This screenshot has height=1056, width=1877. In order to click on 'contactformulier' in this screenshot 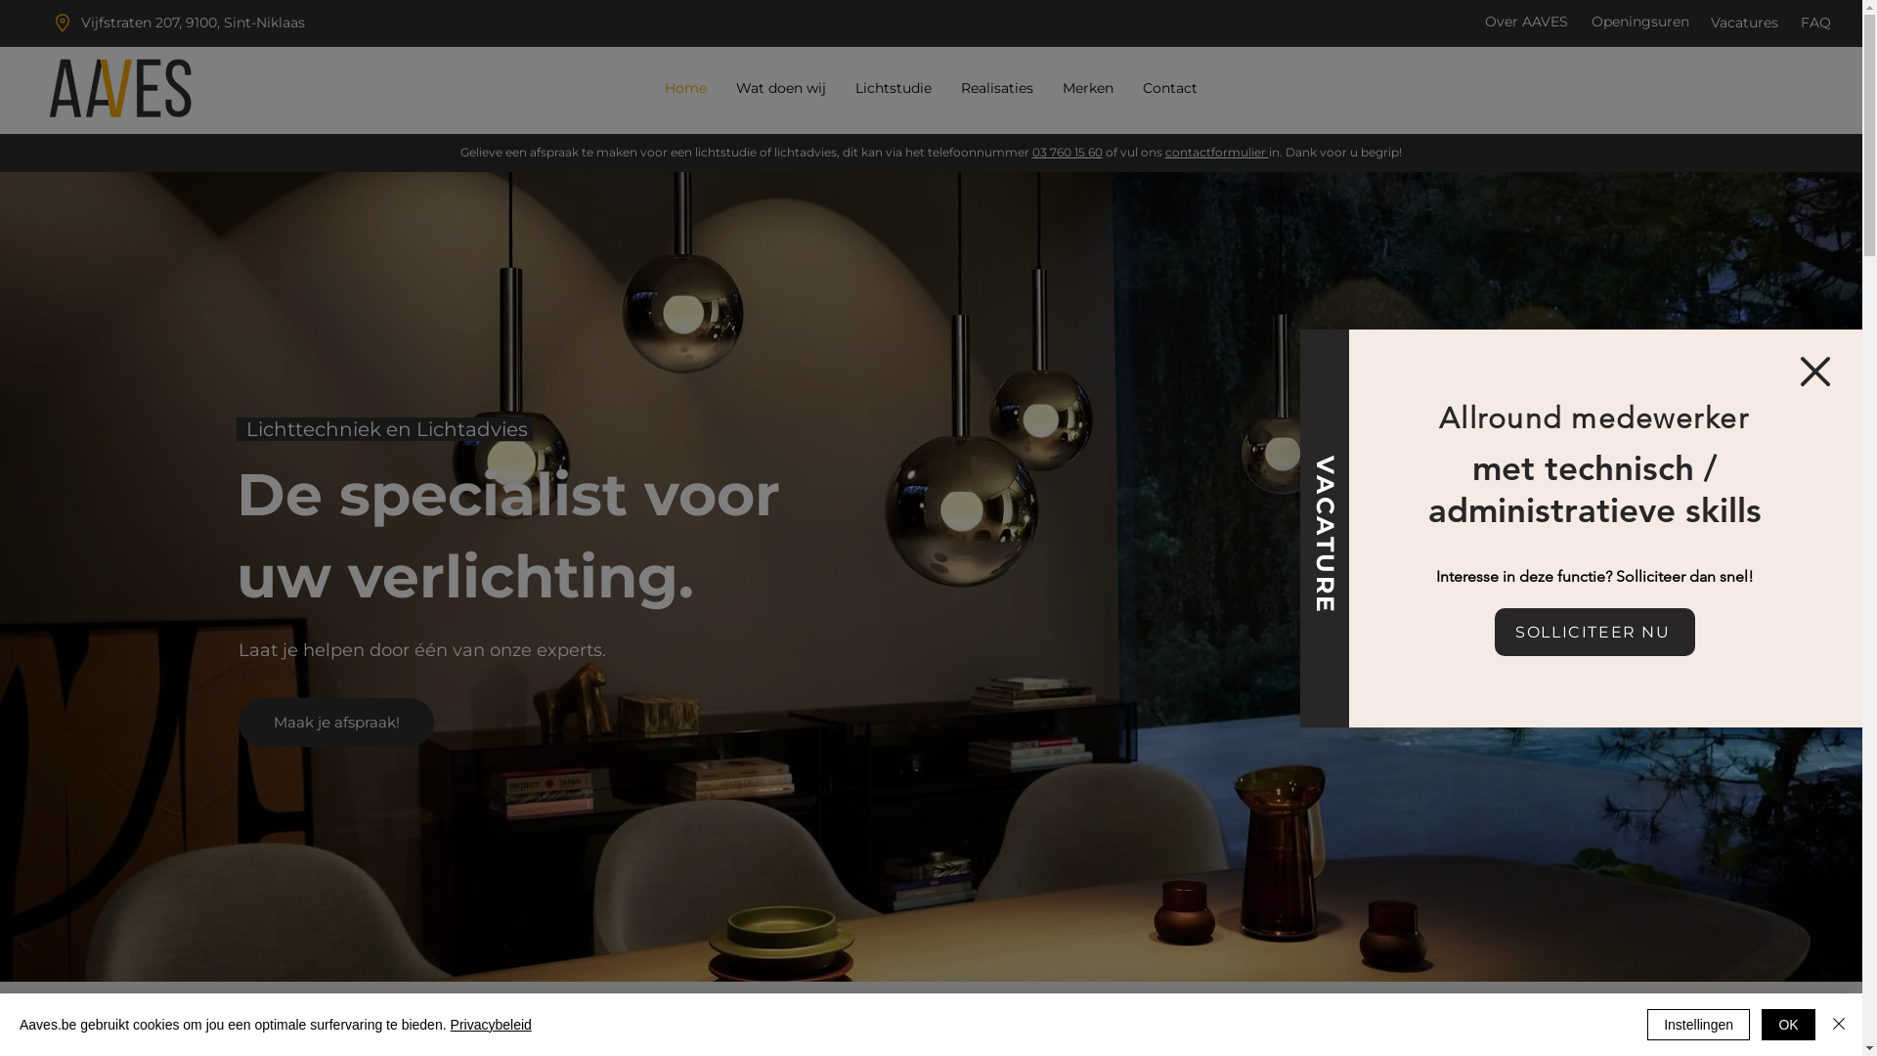, I will do `click(1164, 151)`.